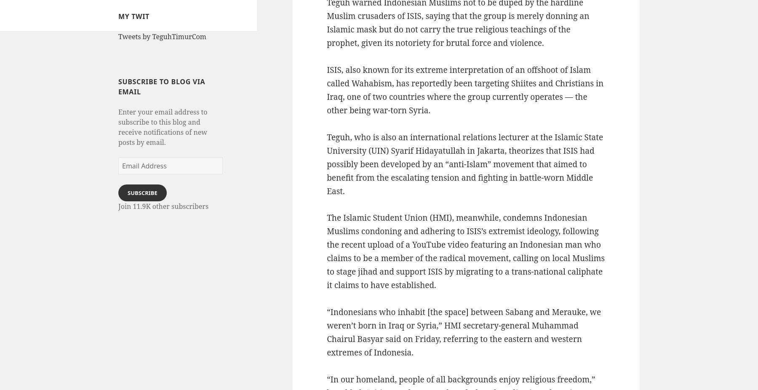 The image size is (758, 390). What do you see at coordinates (465, 89) in the screenshot?
I see `'ISIS, also known for its extreme interpretation of an offshoot of Islam called Wahabism, has reportedly been targeting Shiites and Christians in Iraq, one of two countries where the group currently operates — the other being war-torn Syria.'` at bounding box center [465, 89].